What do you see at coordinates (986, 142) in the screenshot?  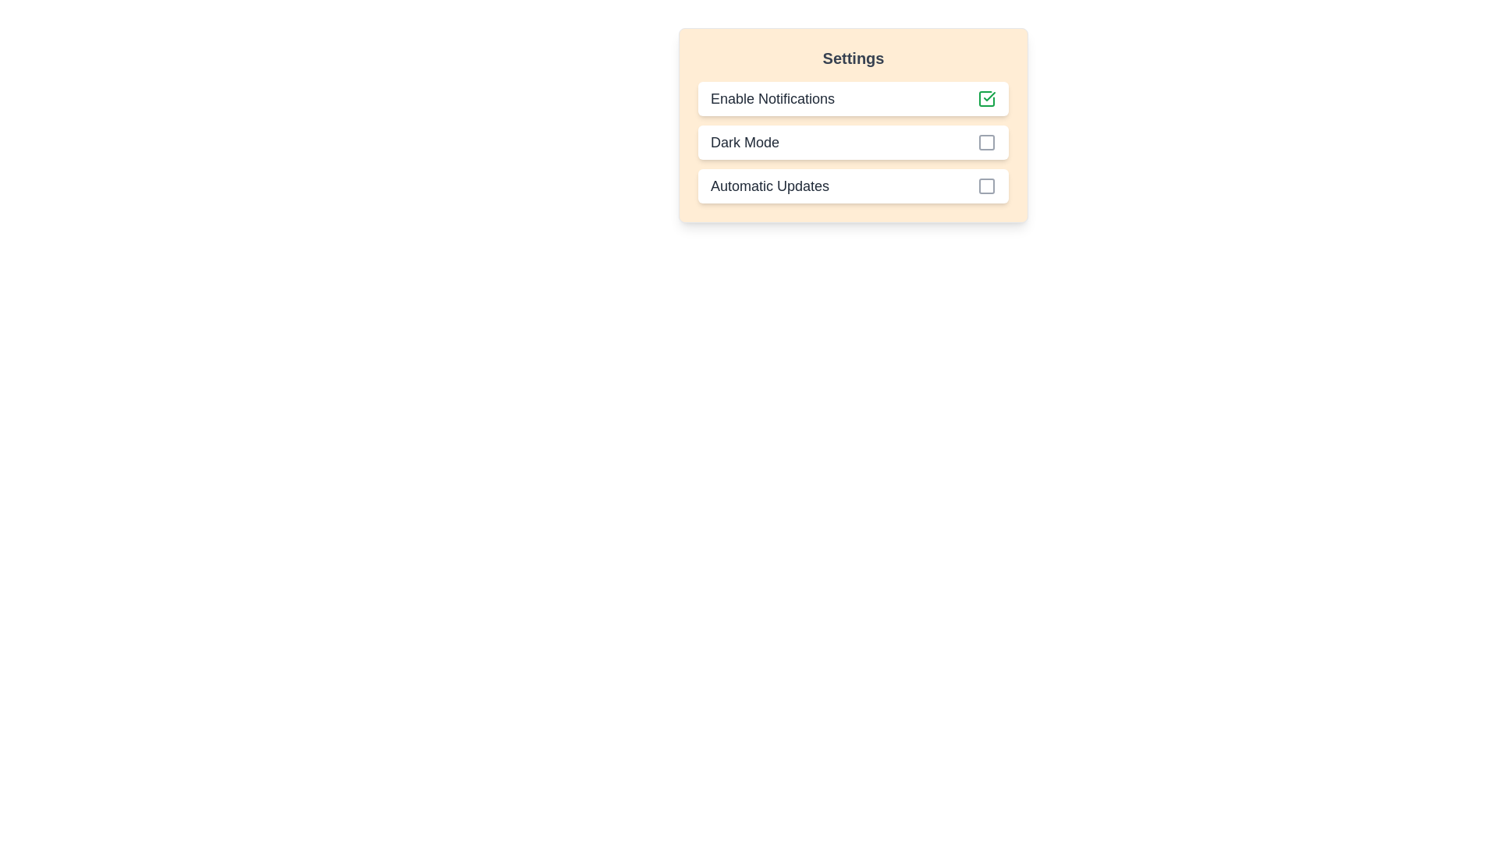 I see `the checkbox` at bounding box center [986, 142].